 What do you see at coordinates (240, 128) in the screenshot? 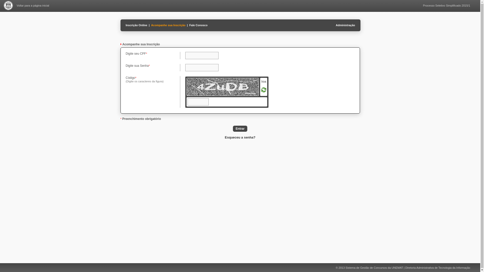
I see `'Entrar'` at bounding box center [240, 128].